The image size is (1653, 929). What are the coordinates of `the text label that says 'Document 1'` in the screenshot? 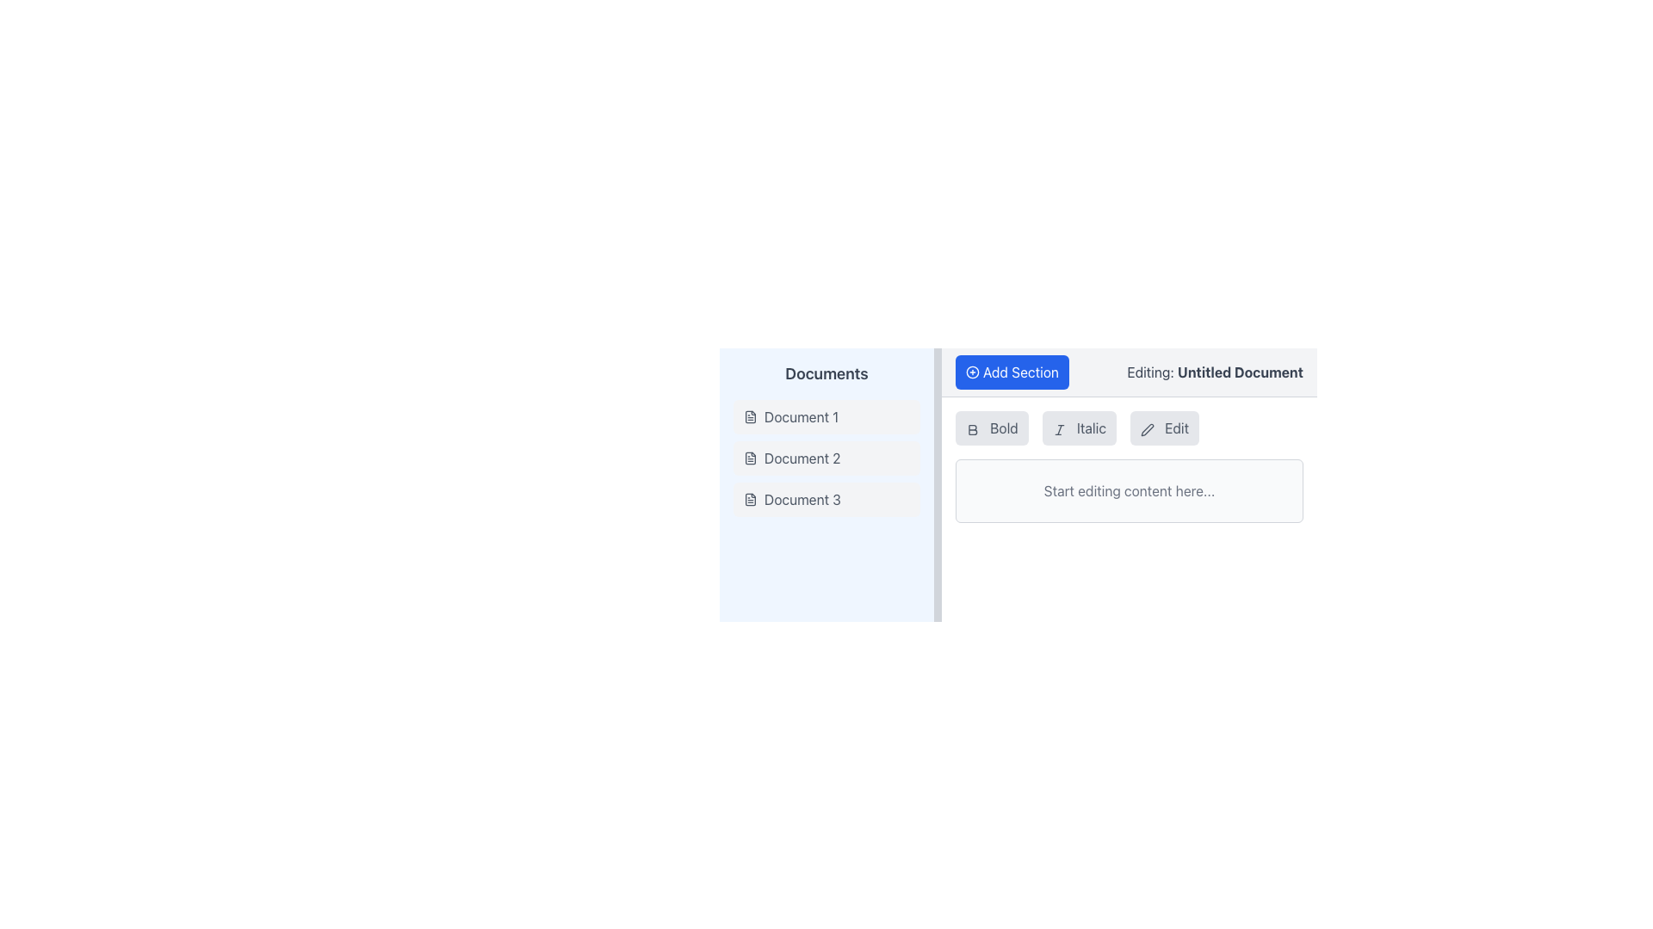 It's located at (801, 417).